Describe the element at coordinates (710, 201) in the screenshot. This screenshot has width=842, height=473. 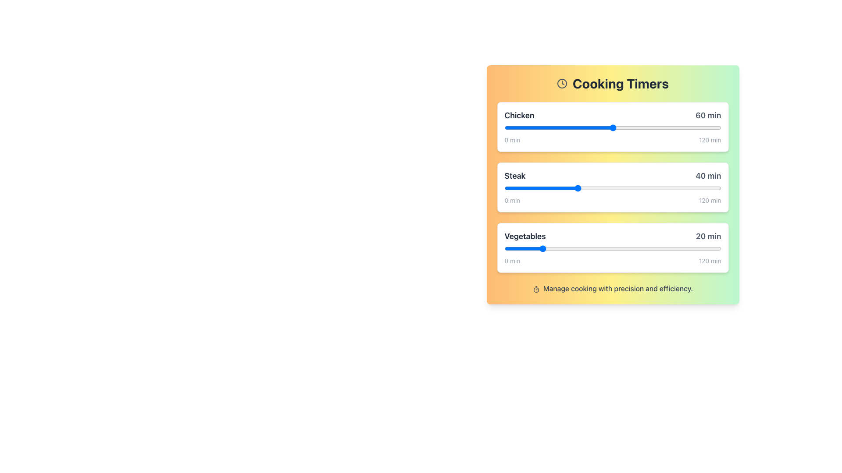
I see `the static text displaying '120 min', which is positioned to the right of the slider component in the timer-related section for the 'Vegetables' timer row` at that location.